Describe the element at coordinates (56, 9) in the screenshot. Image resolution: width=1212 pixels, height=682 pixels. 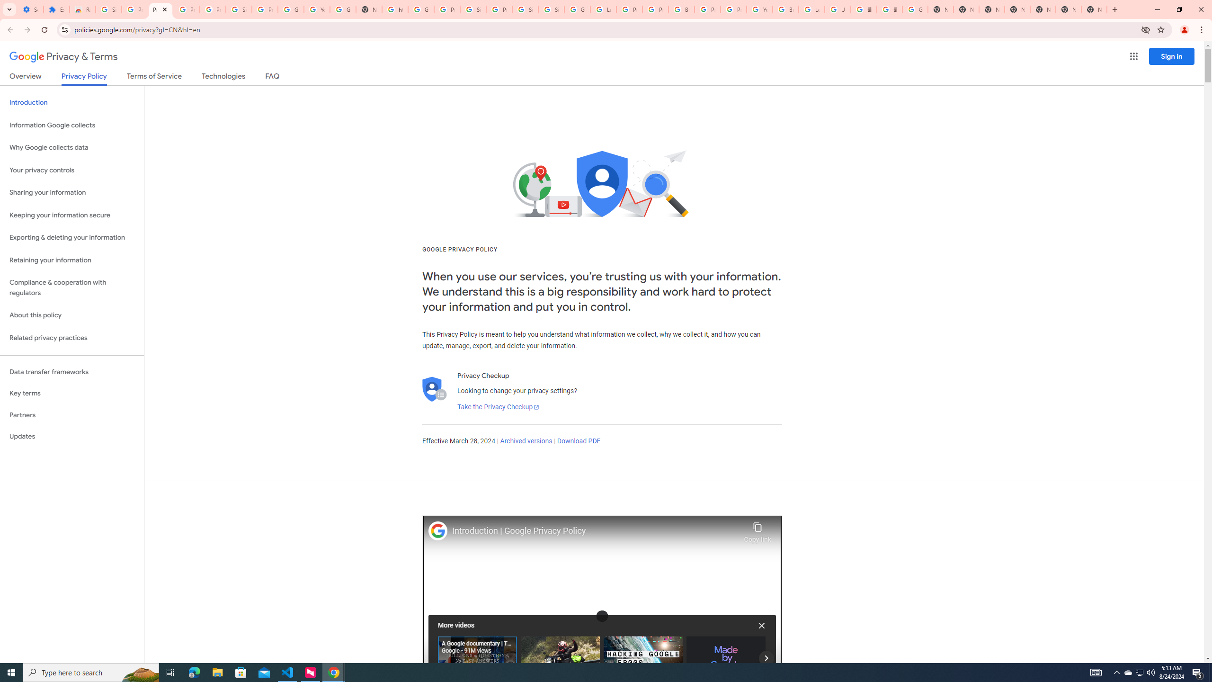
I see `'Extensions'` at that location.